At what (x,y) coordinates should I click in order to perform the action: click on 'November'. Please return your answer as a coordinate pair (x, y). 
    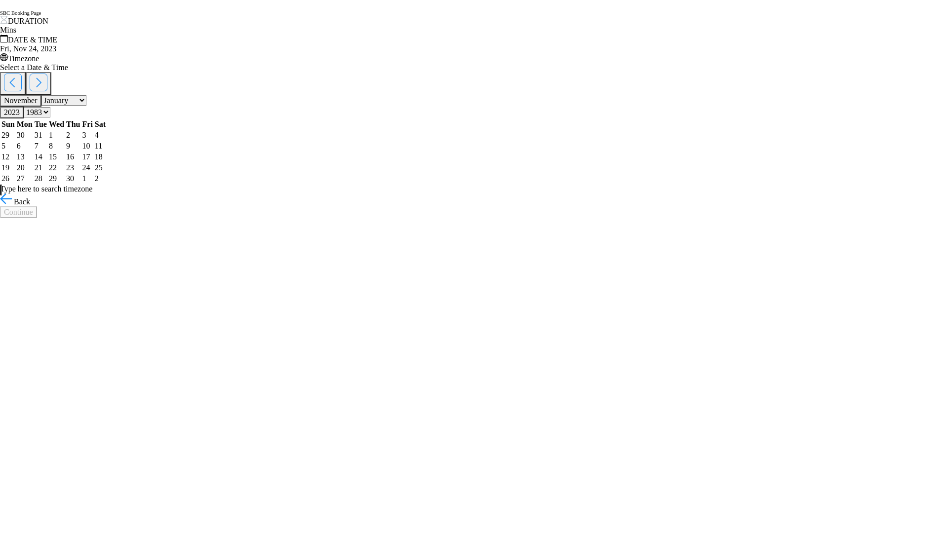
    Looking at the image, I should click on (21, 101).